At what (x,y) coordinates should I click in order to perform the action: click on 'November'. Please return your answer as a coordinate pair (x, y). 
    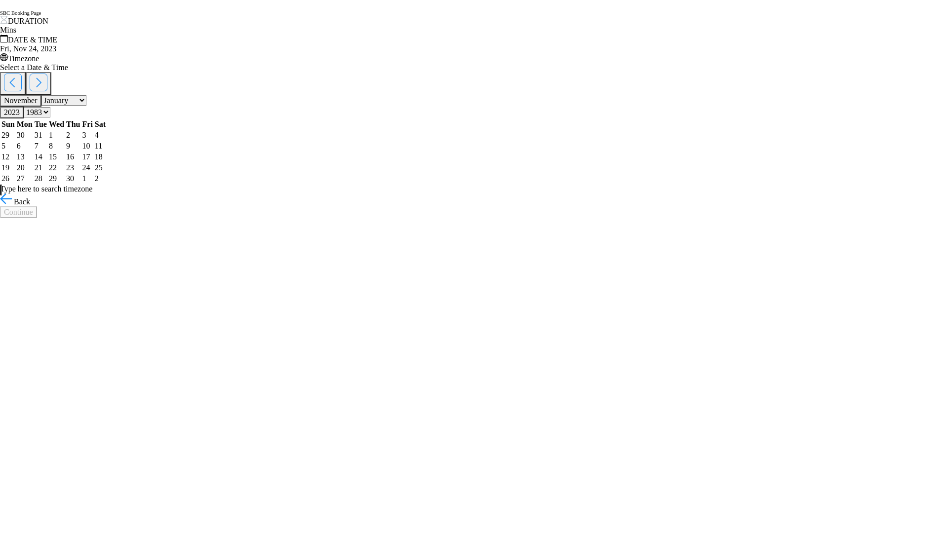
    Looking at the image, I should click on (21, 101).